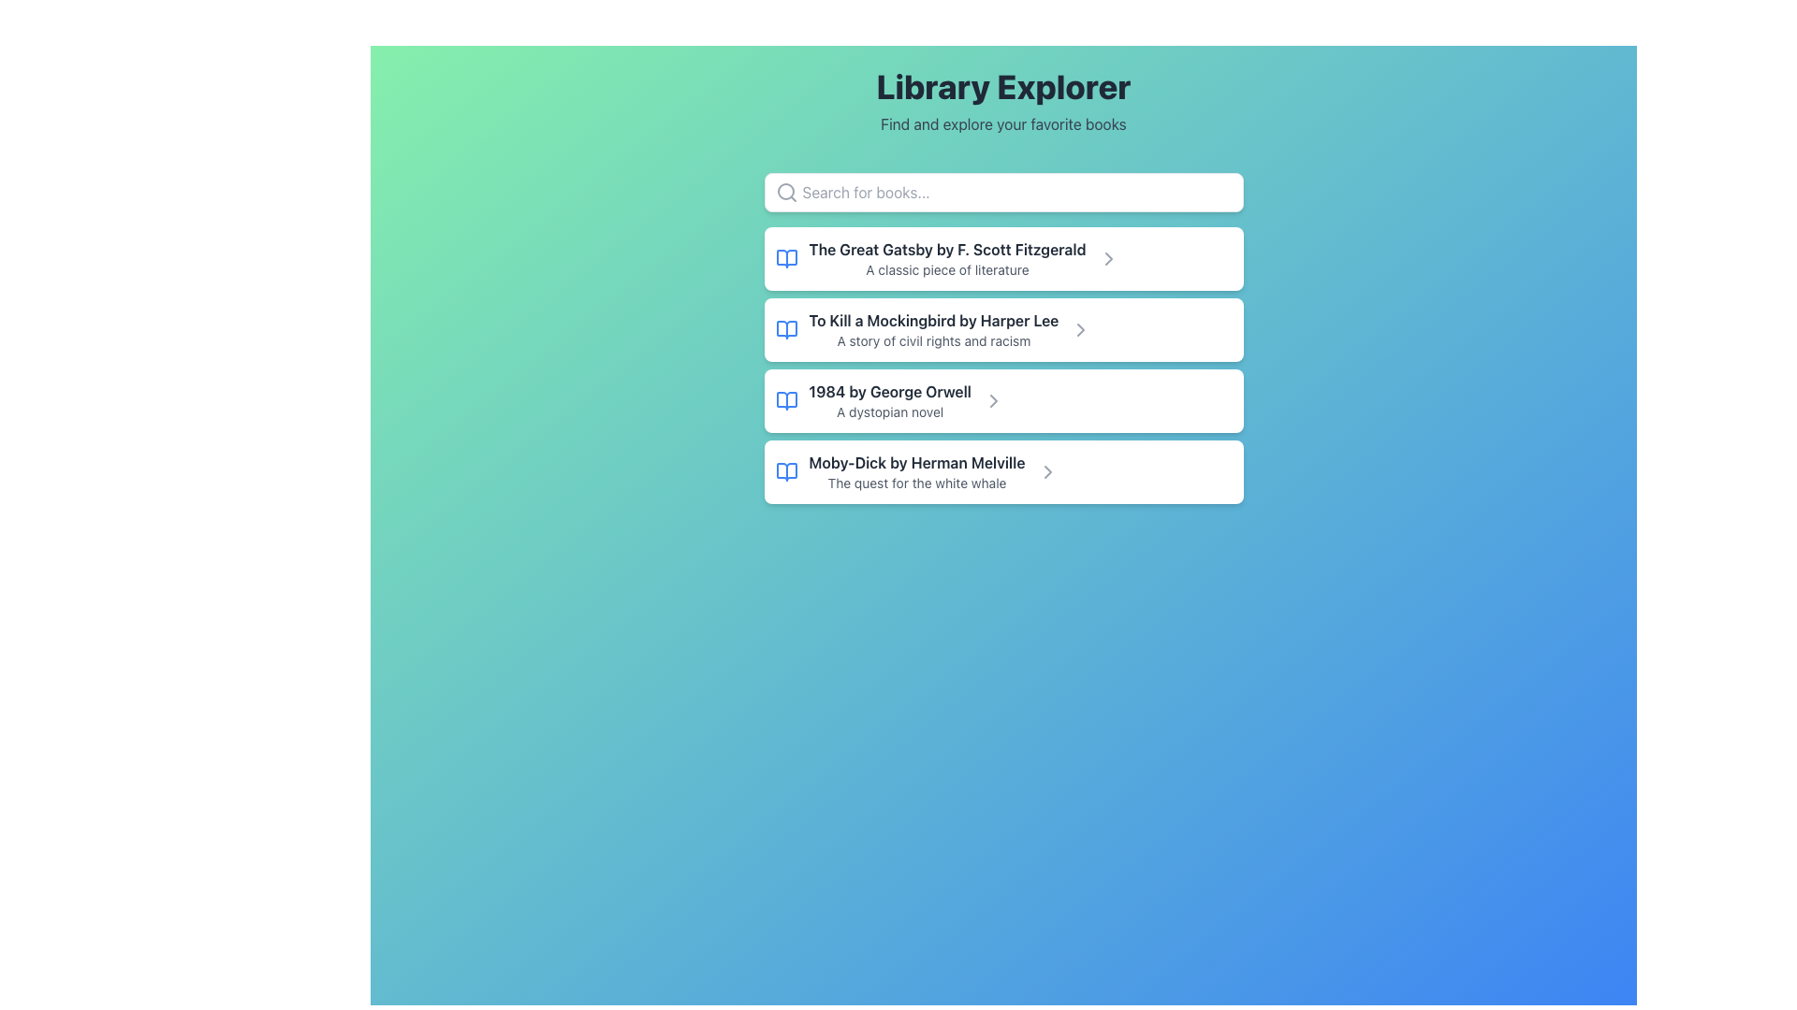 The image size is (1797, 1010). Describe the element at coordinates (786, 259) in the screenshot. I see `the blue outlined book icon located next to the title 'The Great Gatsby'` at that location.